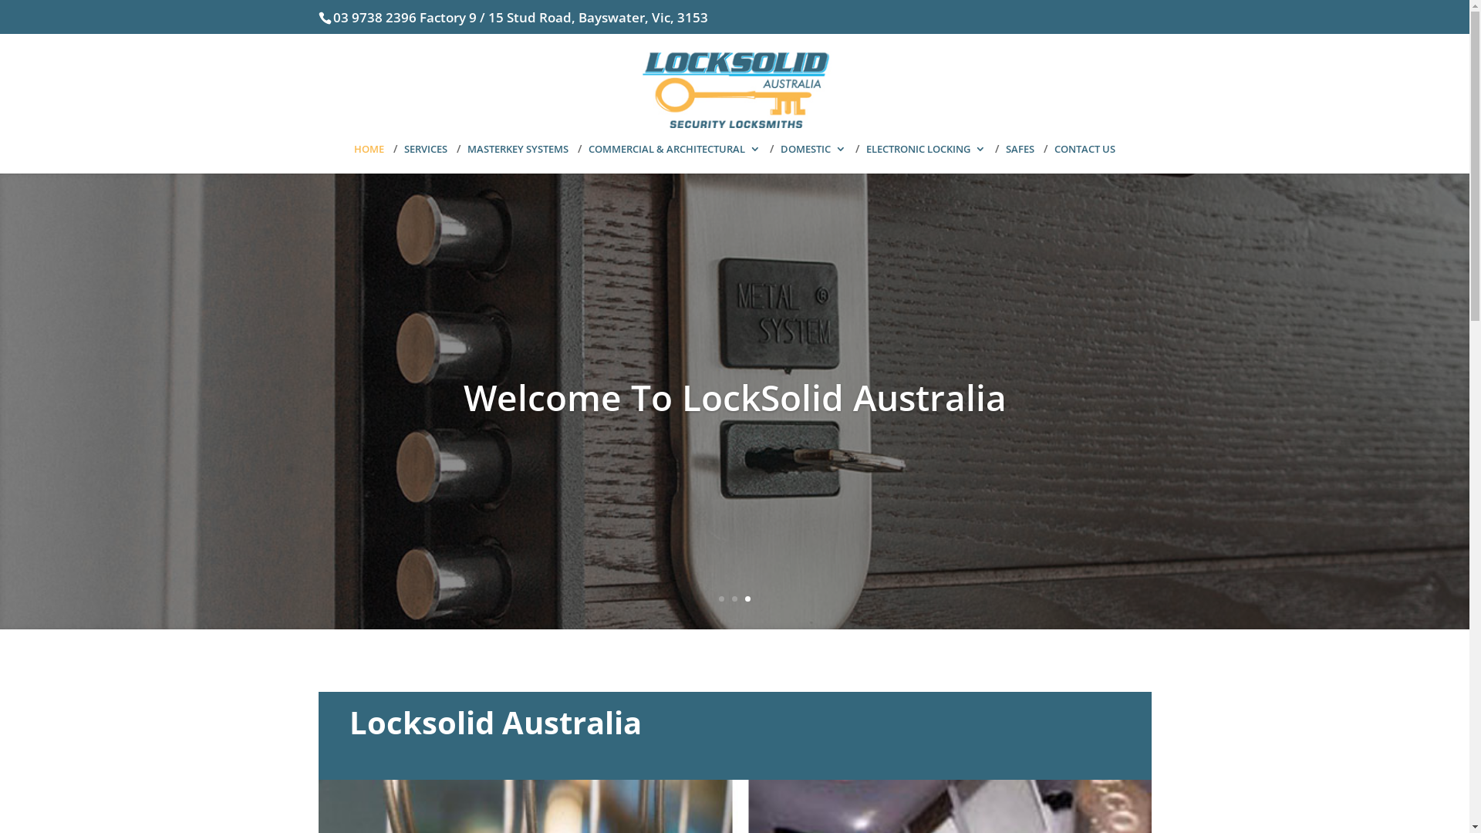  I want to click on 'MASTERKEY SYSTEMS', so click(518, 158).